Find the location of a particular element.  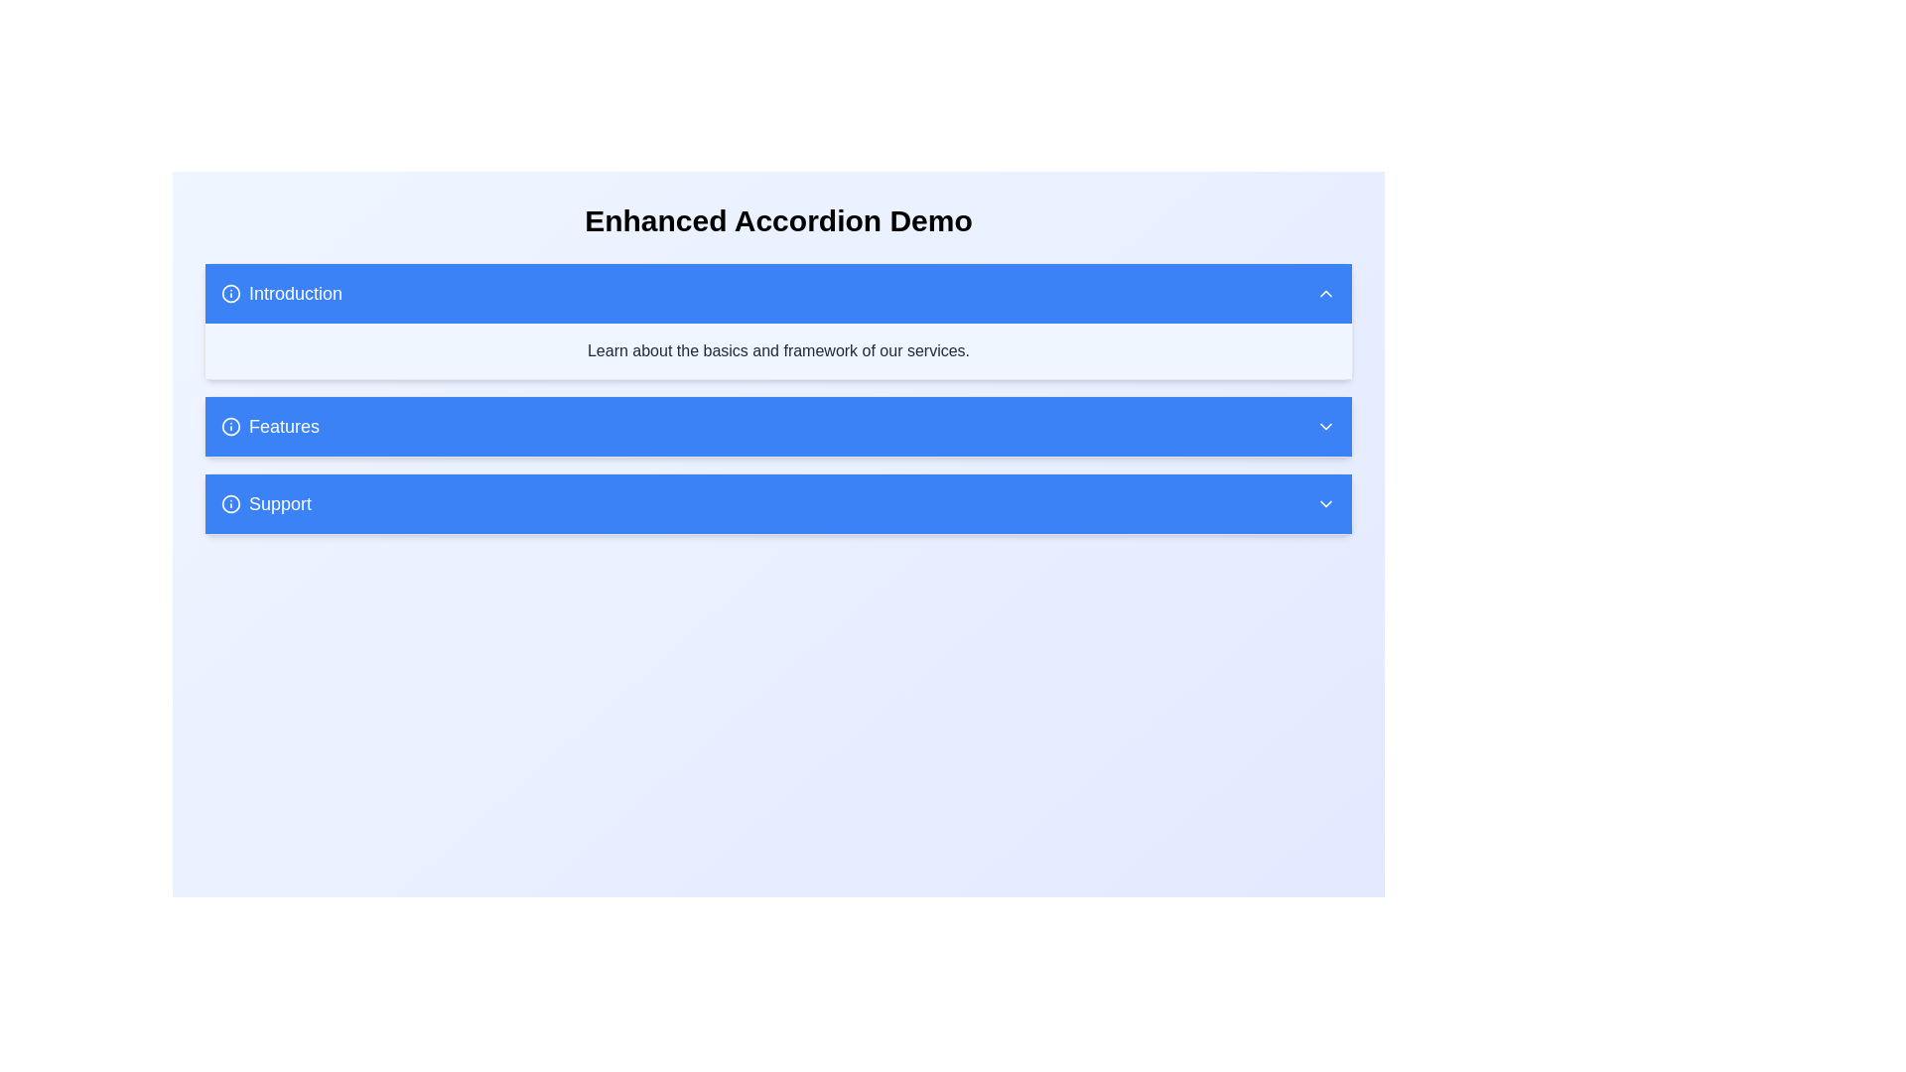

the Text Header displaying 'Enhanced Accordion Demo', which is a bold, large-sized, centered text at the top of the interface is located at coordinates (777, 221).